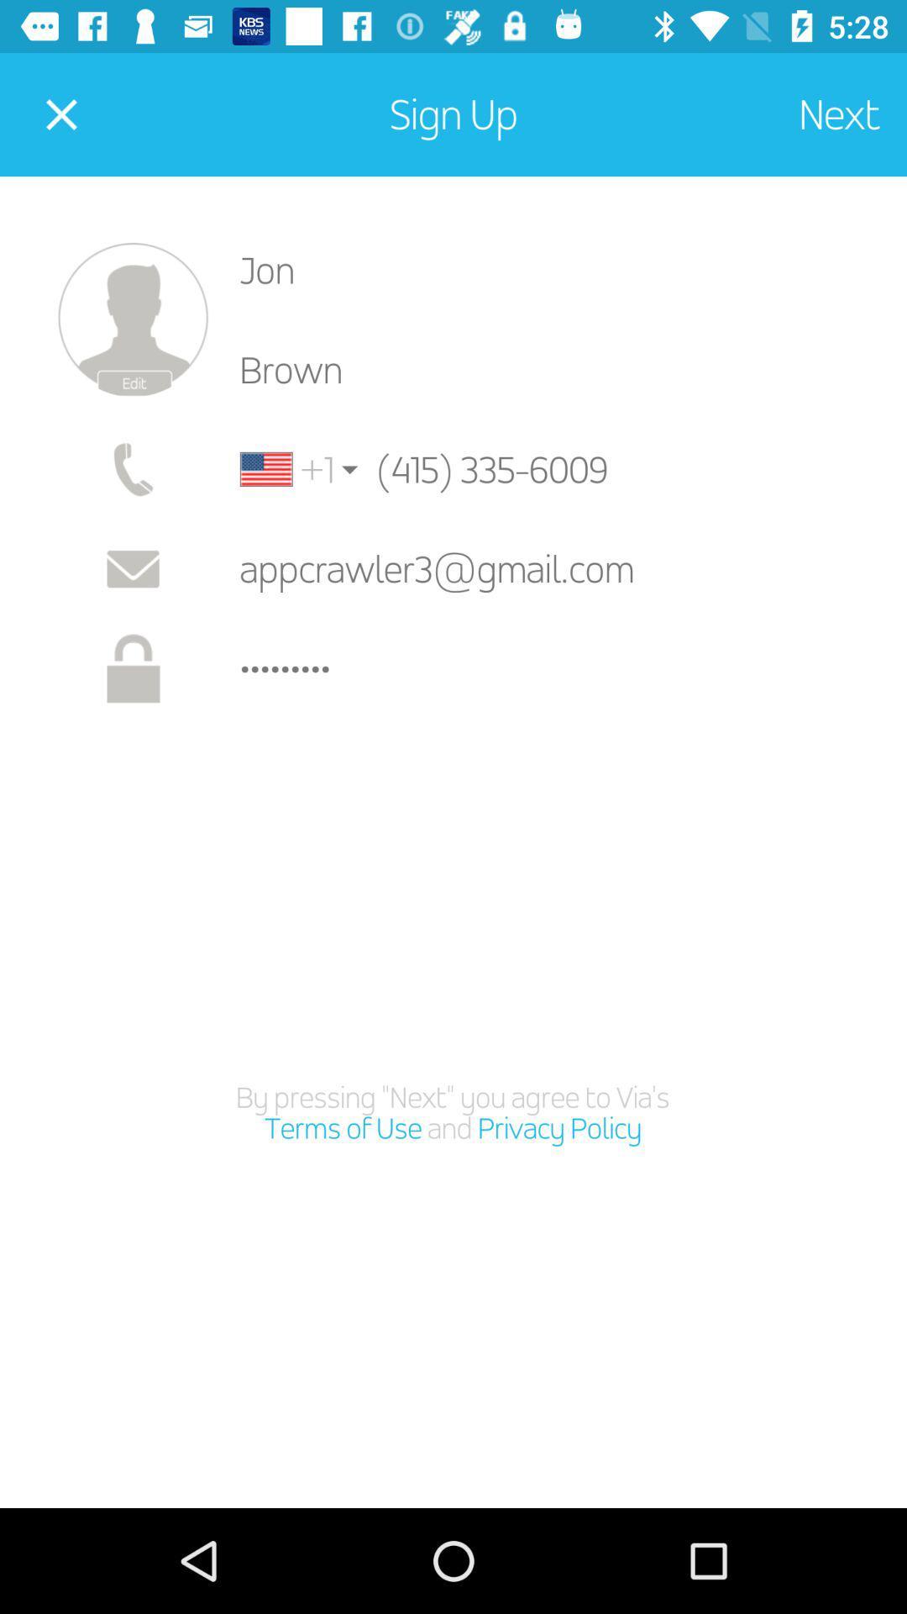 The height and width of the screenshot is (1614, 907). What do you see at coordinates (560, 369) in the screenshot?
I see `brown` at bounding box center [560, 369].